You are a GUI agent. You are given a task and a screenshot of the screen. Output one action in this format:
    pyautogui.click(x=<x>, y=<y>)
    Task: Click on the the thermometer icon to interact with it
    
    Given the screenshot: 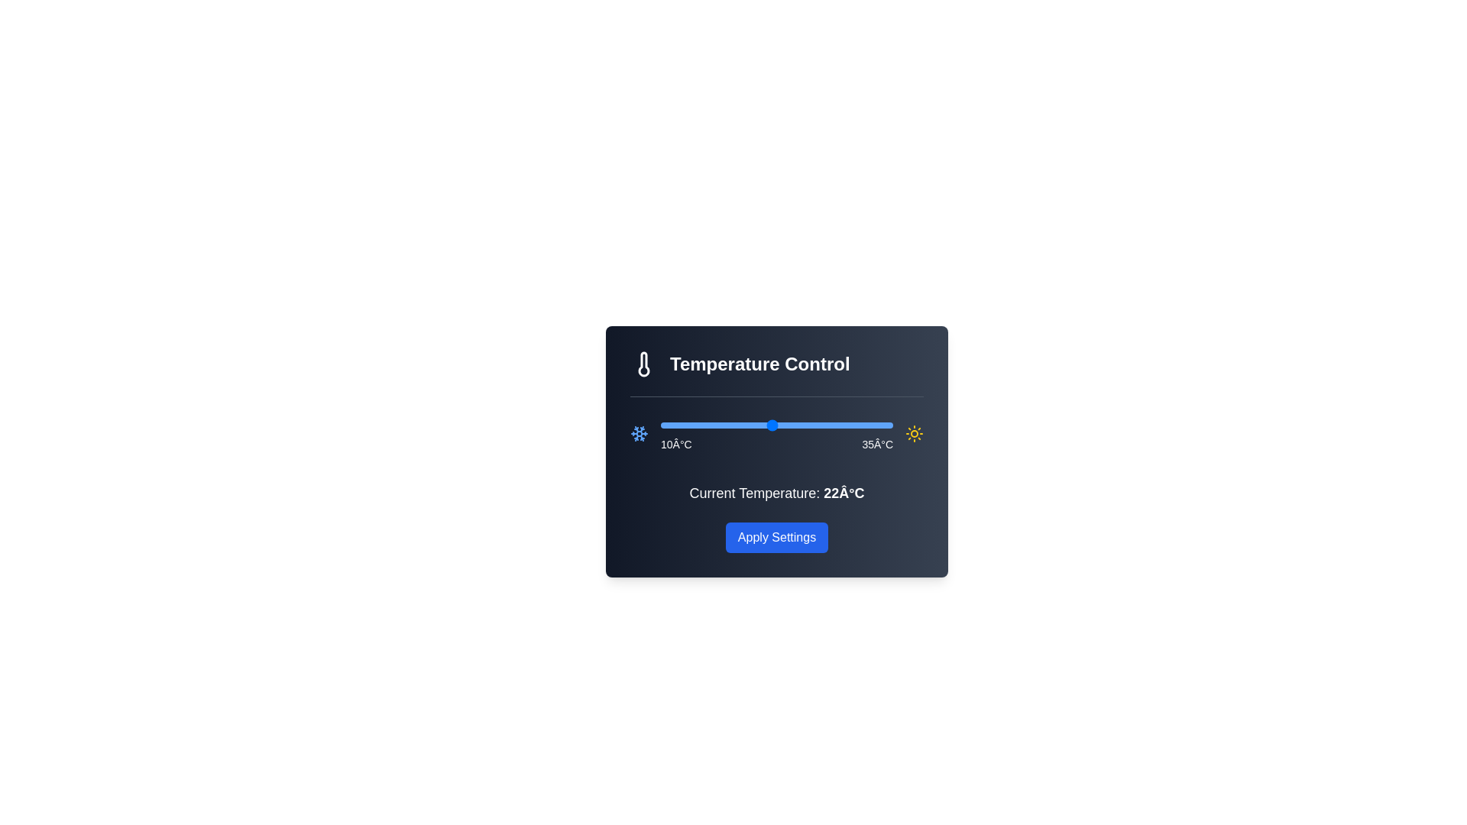 What is the action you would take?
    pyautogui.click(x=644, y=364)
    